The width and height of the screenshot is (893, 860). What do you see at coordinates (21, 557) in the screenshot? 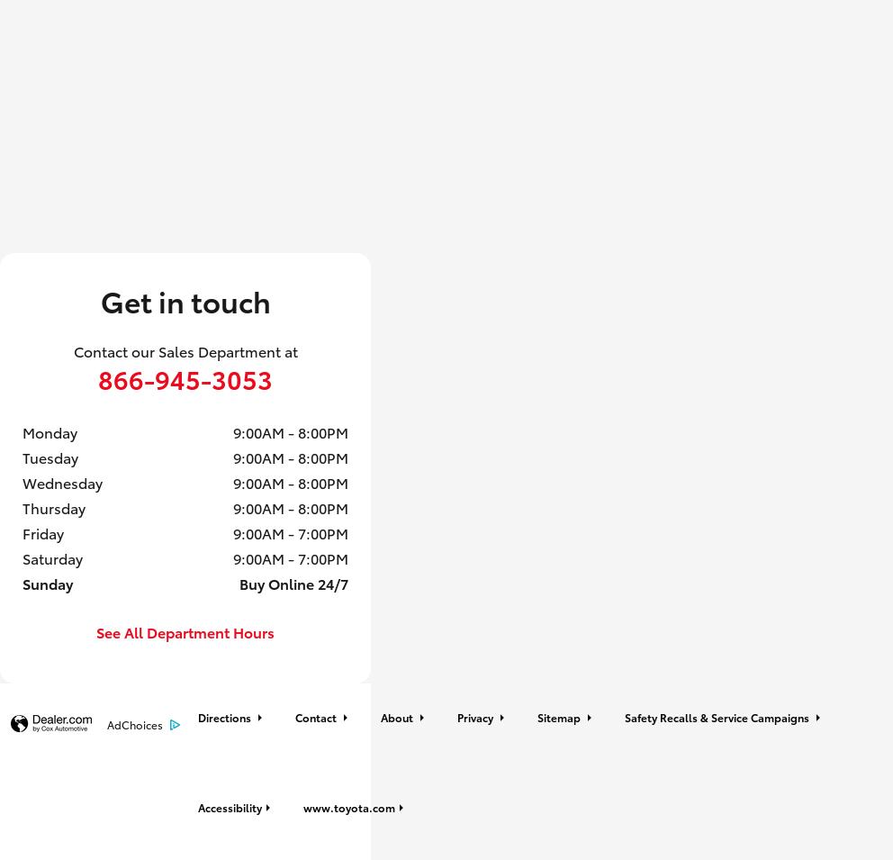
I see `'Saturday'` at bounding box center [21, 557].